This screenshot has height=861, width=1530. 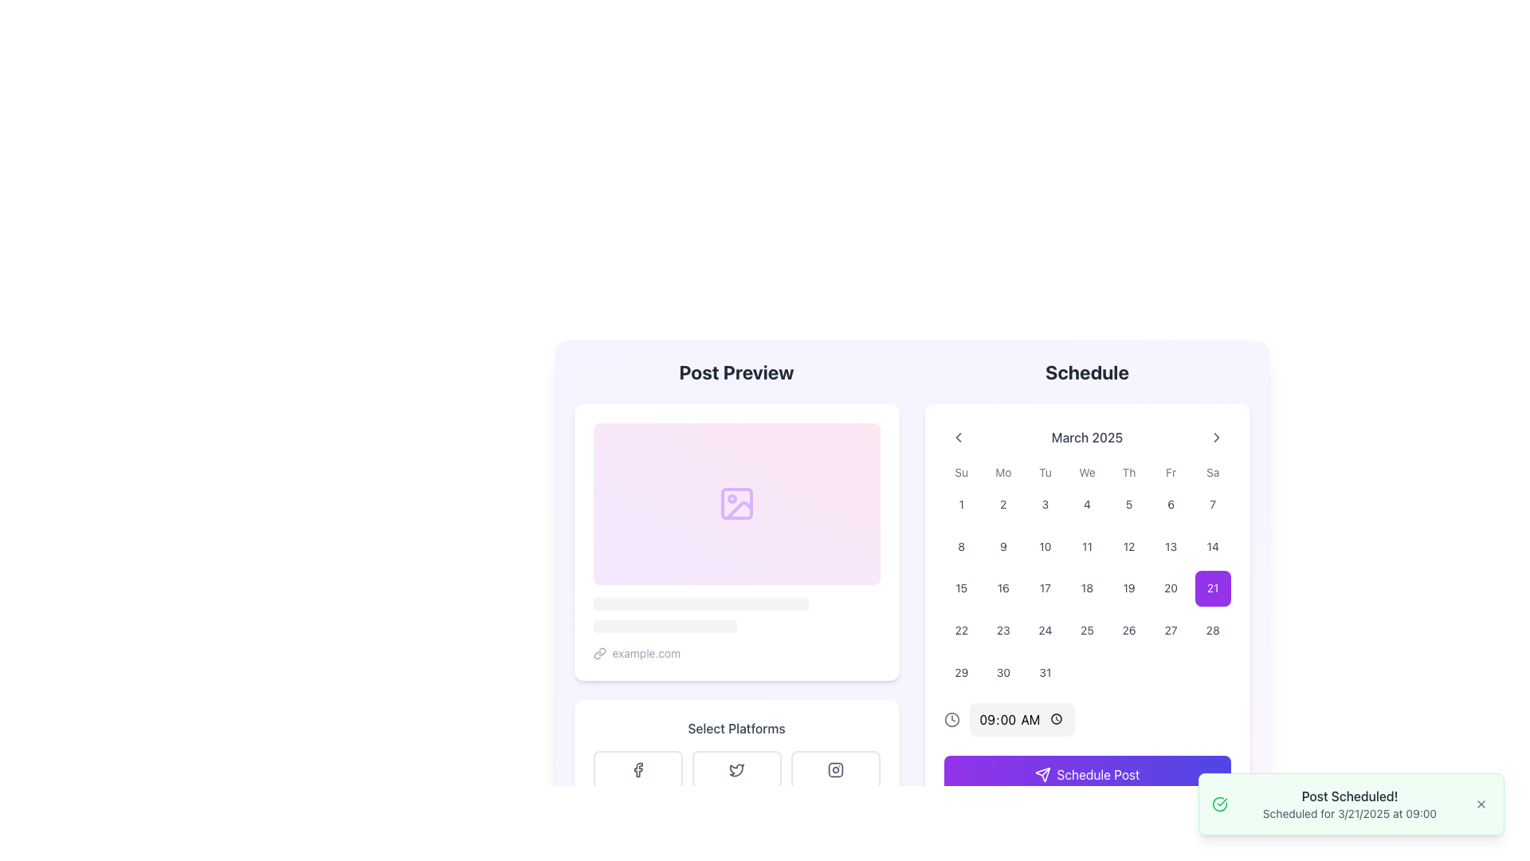 I want to click on the button representing the date '20' in the calendar for March 2025, so click(x=1171, y=588).